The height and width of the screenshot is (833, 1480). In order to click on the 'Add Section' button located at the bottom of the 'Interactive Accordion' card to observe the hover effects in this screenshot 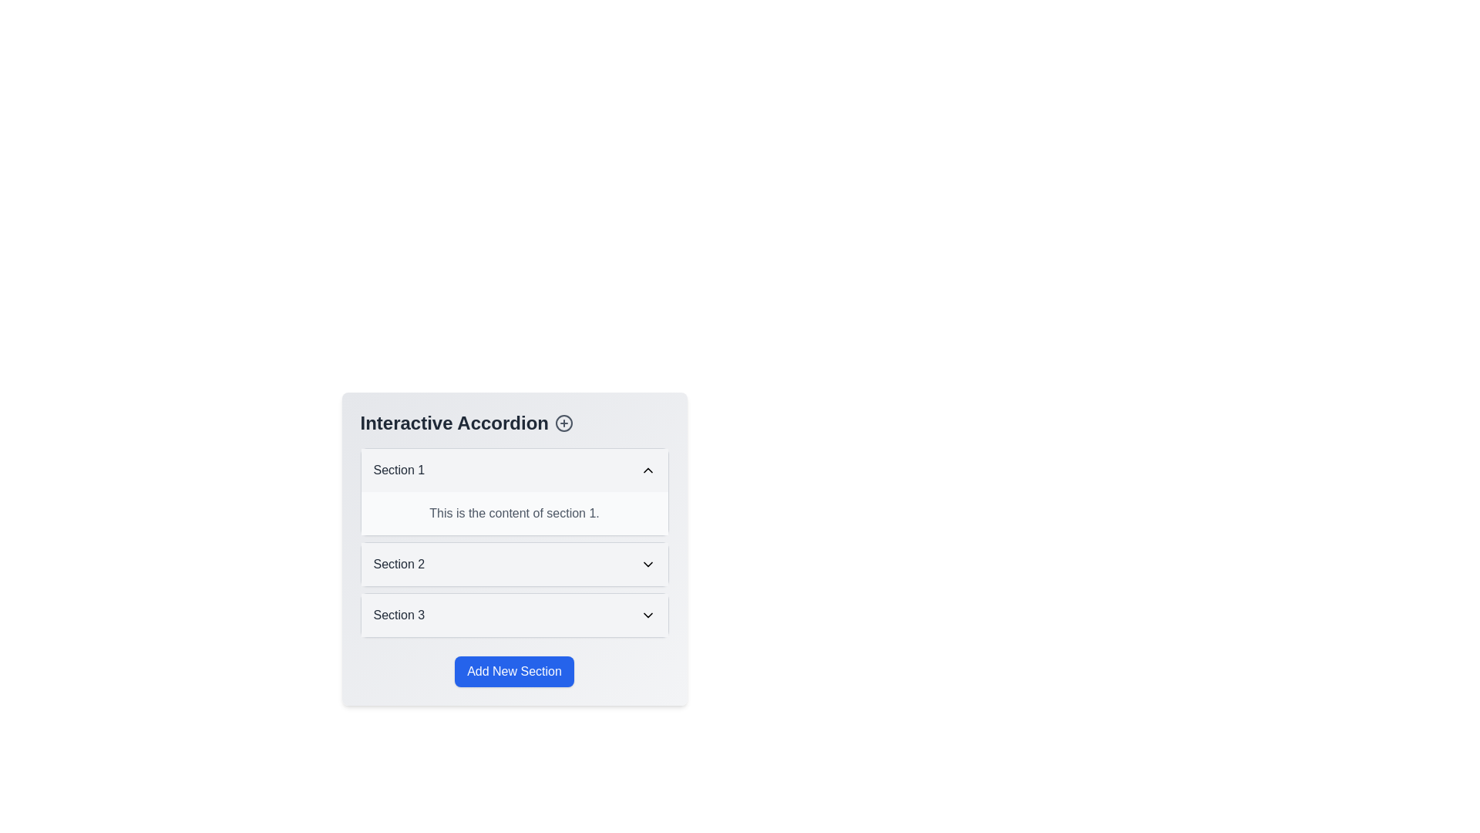, I will do `click(514, 671)`.